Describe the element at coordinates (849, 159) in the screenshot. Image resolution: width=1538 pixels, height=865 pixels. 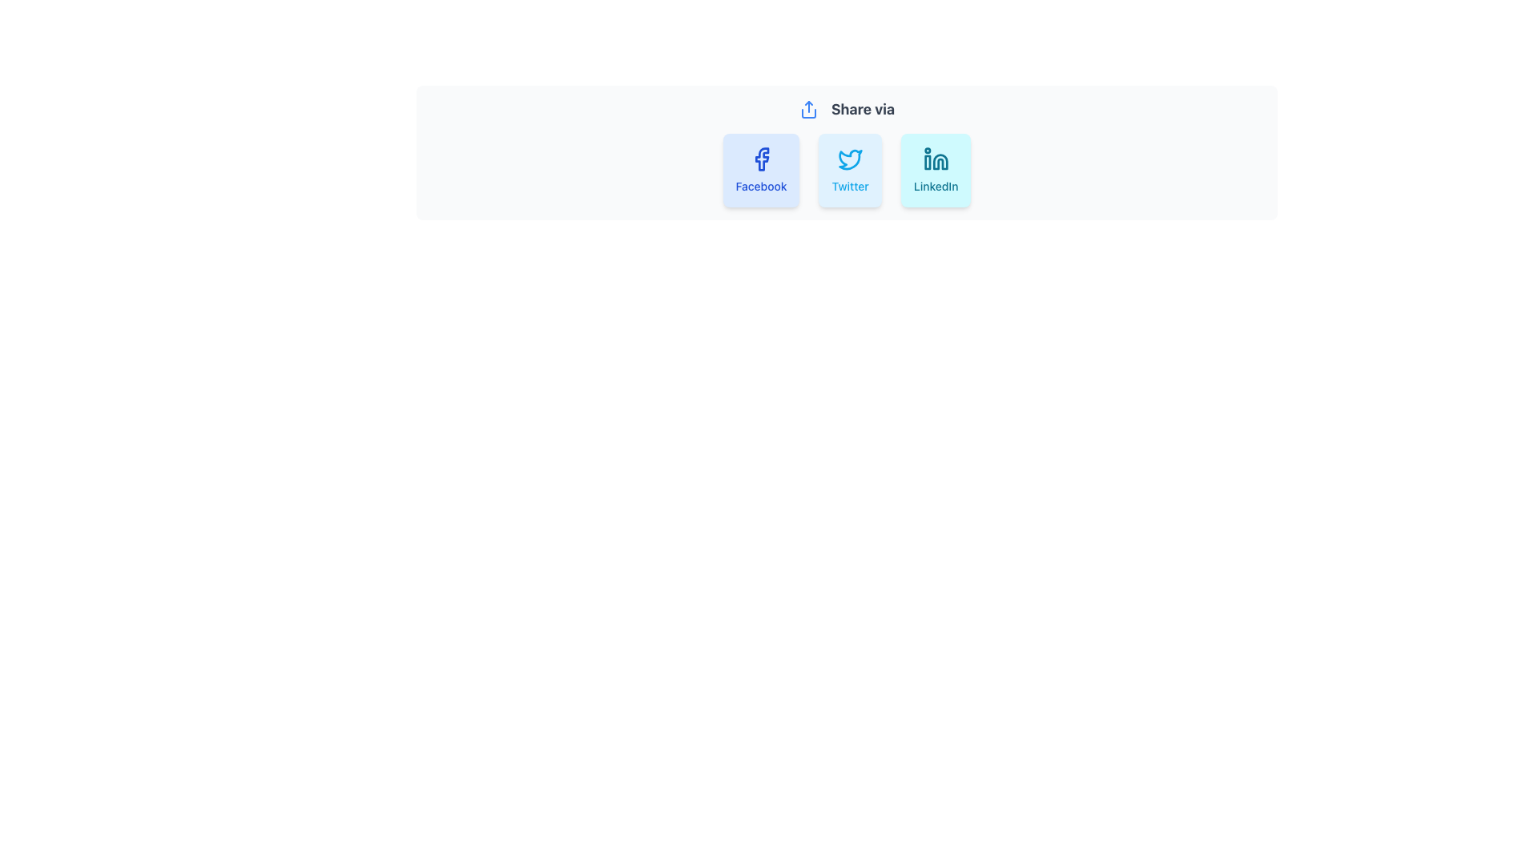
I see `the Twitter icon button, which is part of a three-button sequence under the 'Share via' heading` at that location.